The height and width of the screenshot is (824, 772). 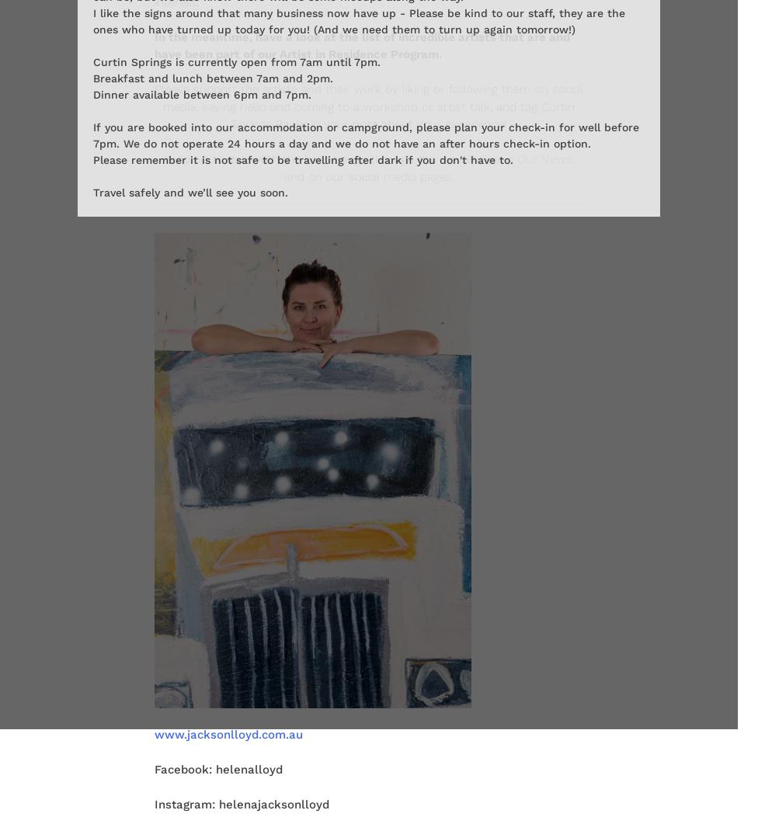 What do you see at coordinates (190, 191) in the screenshot?
I see `'Travel safely and we’ll see you soon.'` at bounding box center [190, 191].